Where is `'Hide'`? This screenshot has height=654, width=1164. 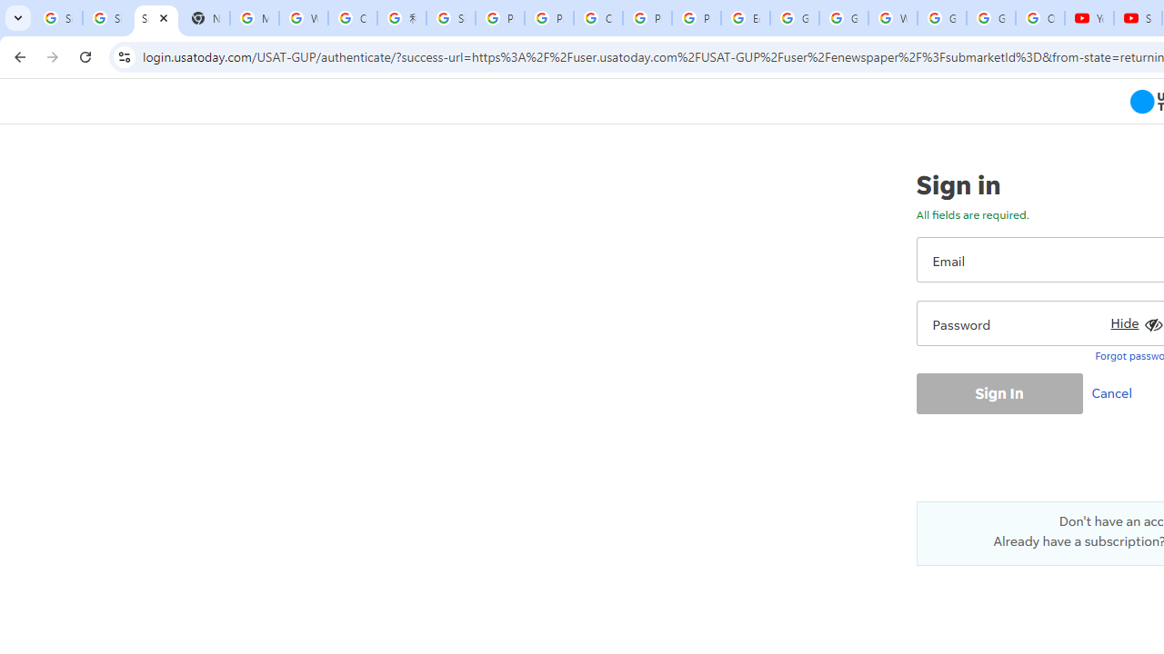 'Hide' is located at coordinates (1133, 319).